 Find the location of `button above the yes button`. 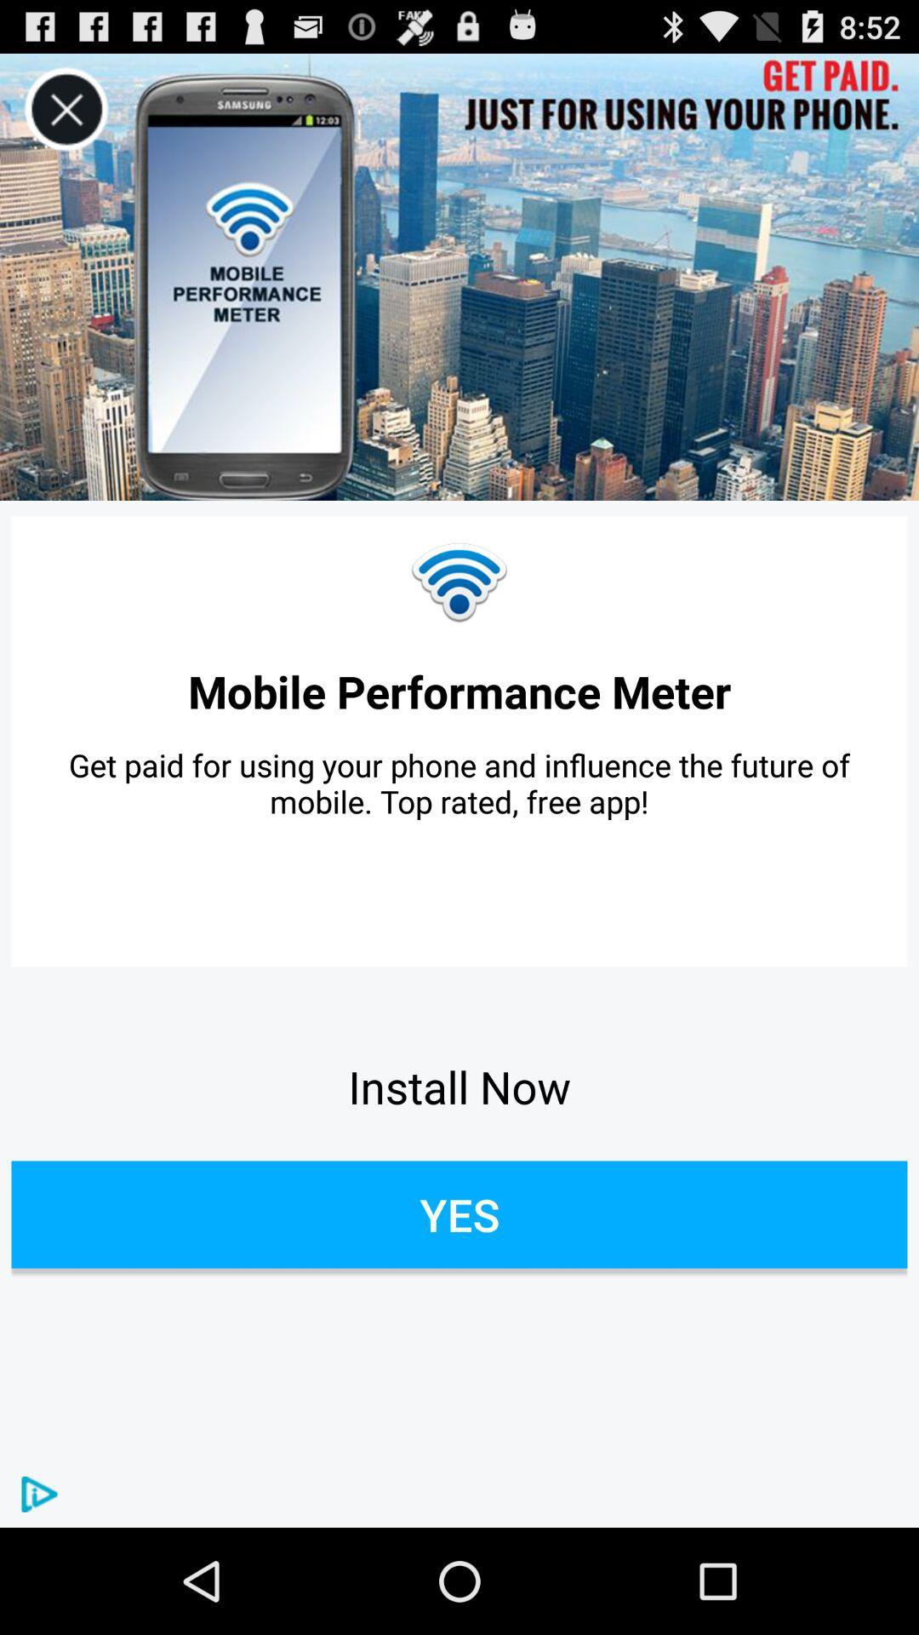

button above the yes button is located at coordinates (459, 1086).